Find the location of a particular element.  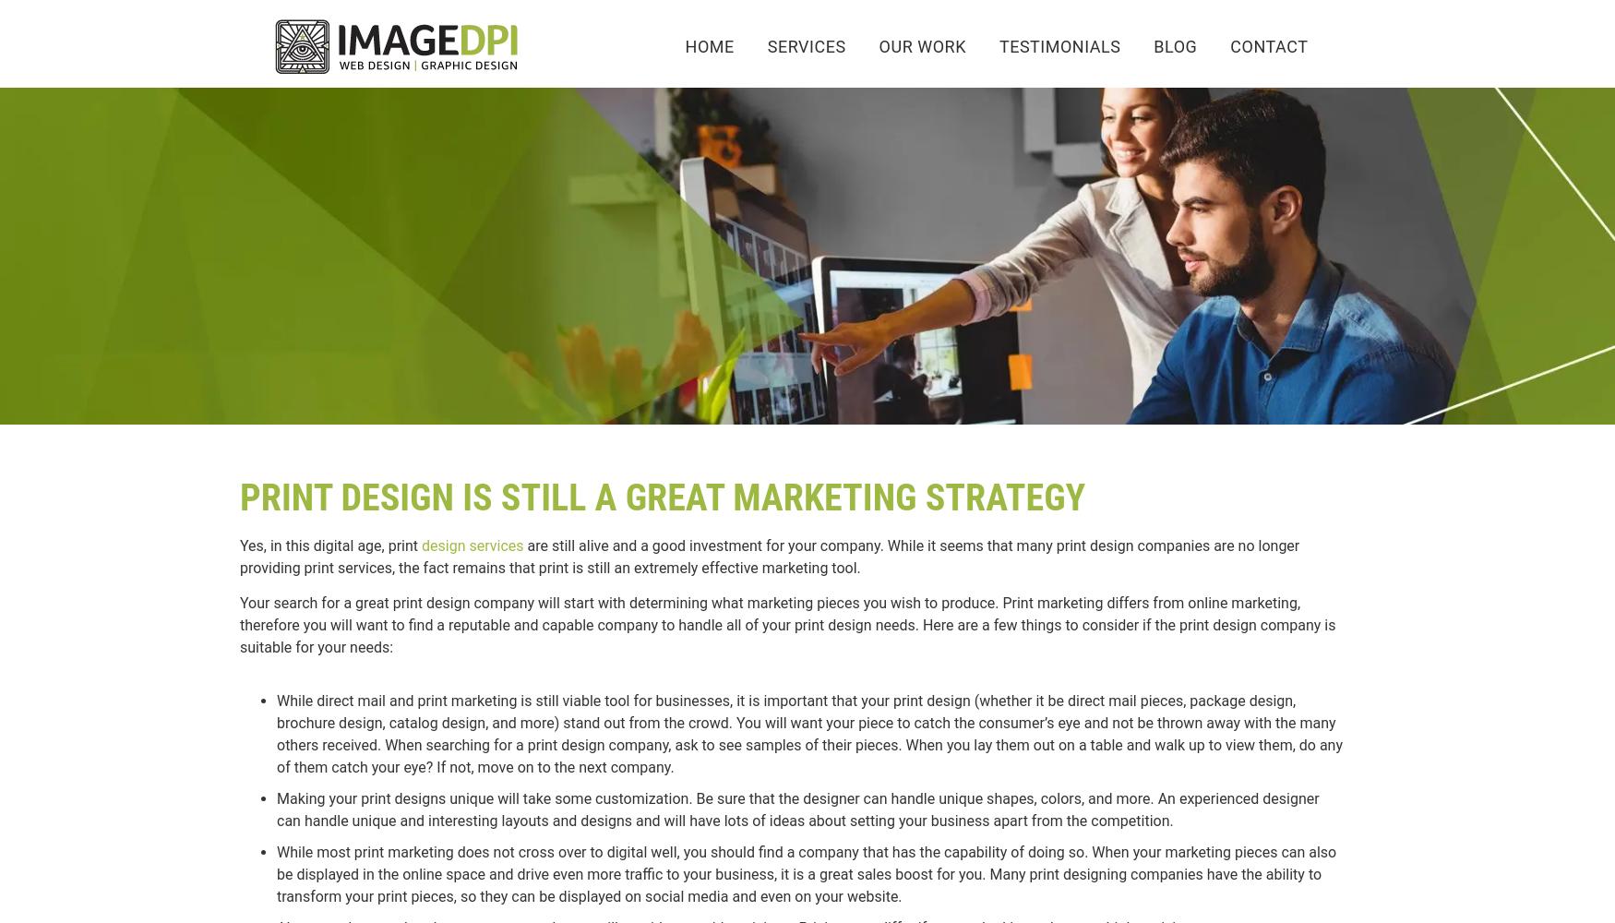

'Print Design is still a great marketing strategy' is located at coordinates (663, 497).